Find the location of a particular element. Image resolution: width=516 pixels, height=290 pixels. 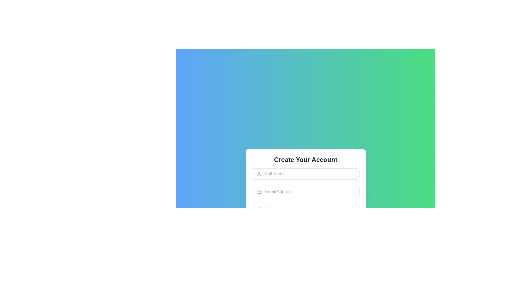

the user account icon located on the left side of the 'Full Name' input field in the user registration form is located at coordinates (259, 174).